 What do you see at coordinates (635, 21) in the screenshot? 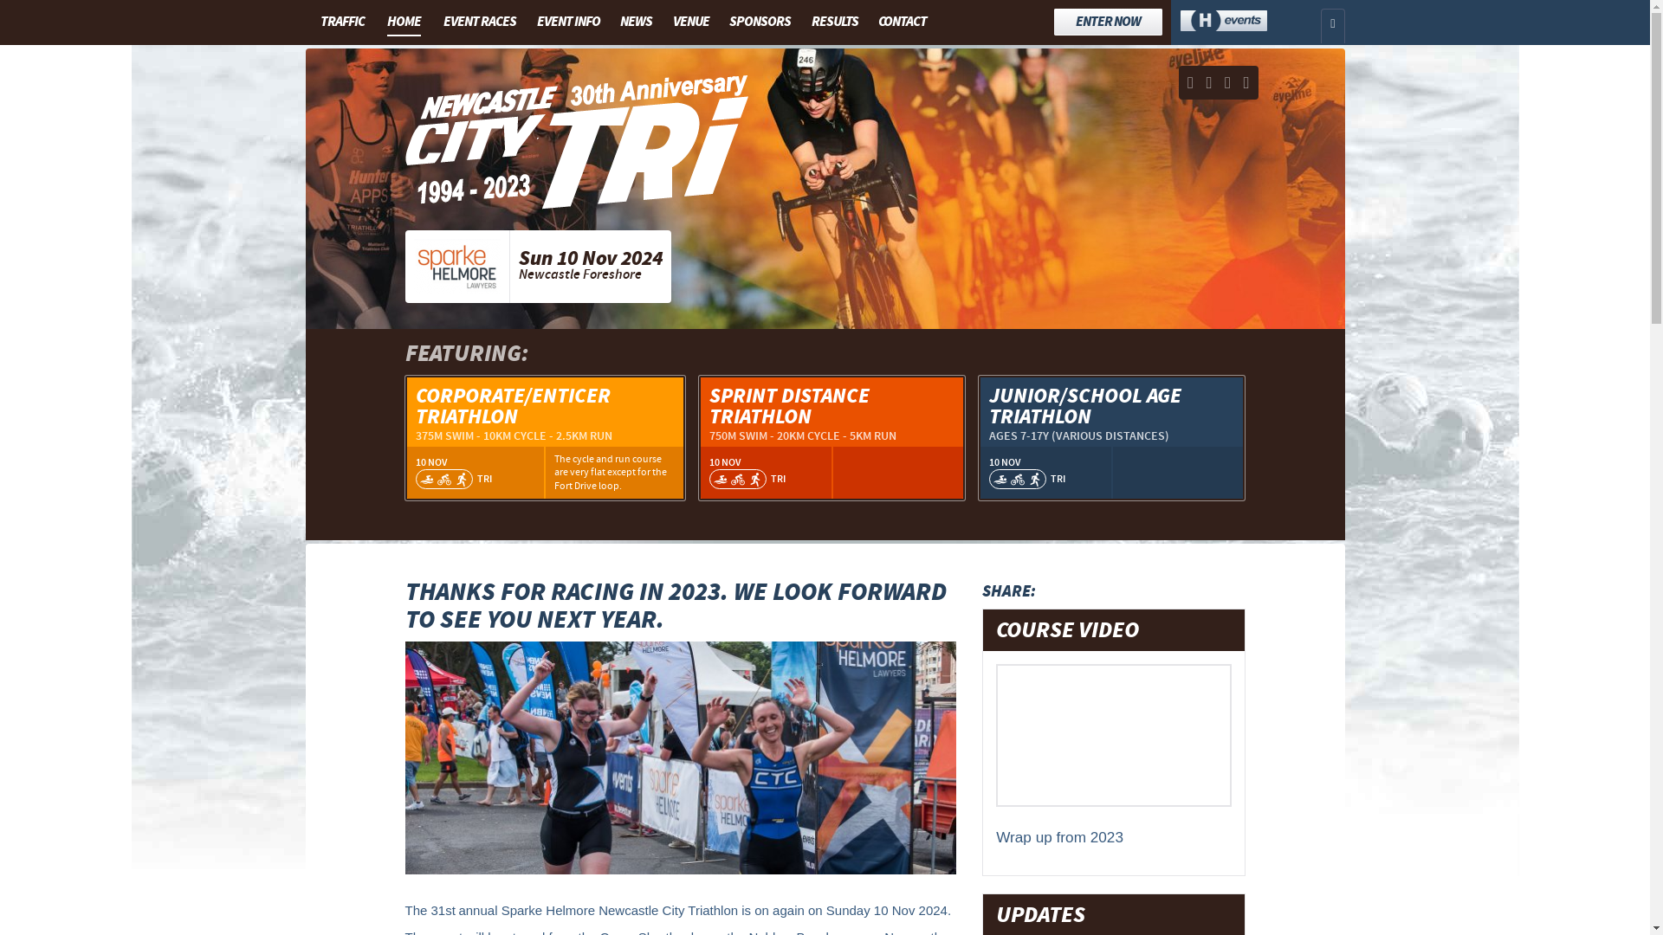
I see `'NEWS'` at bounding box center [635, 21].